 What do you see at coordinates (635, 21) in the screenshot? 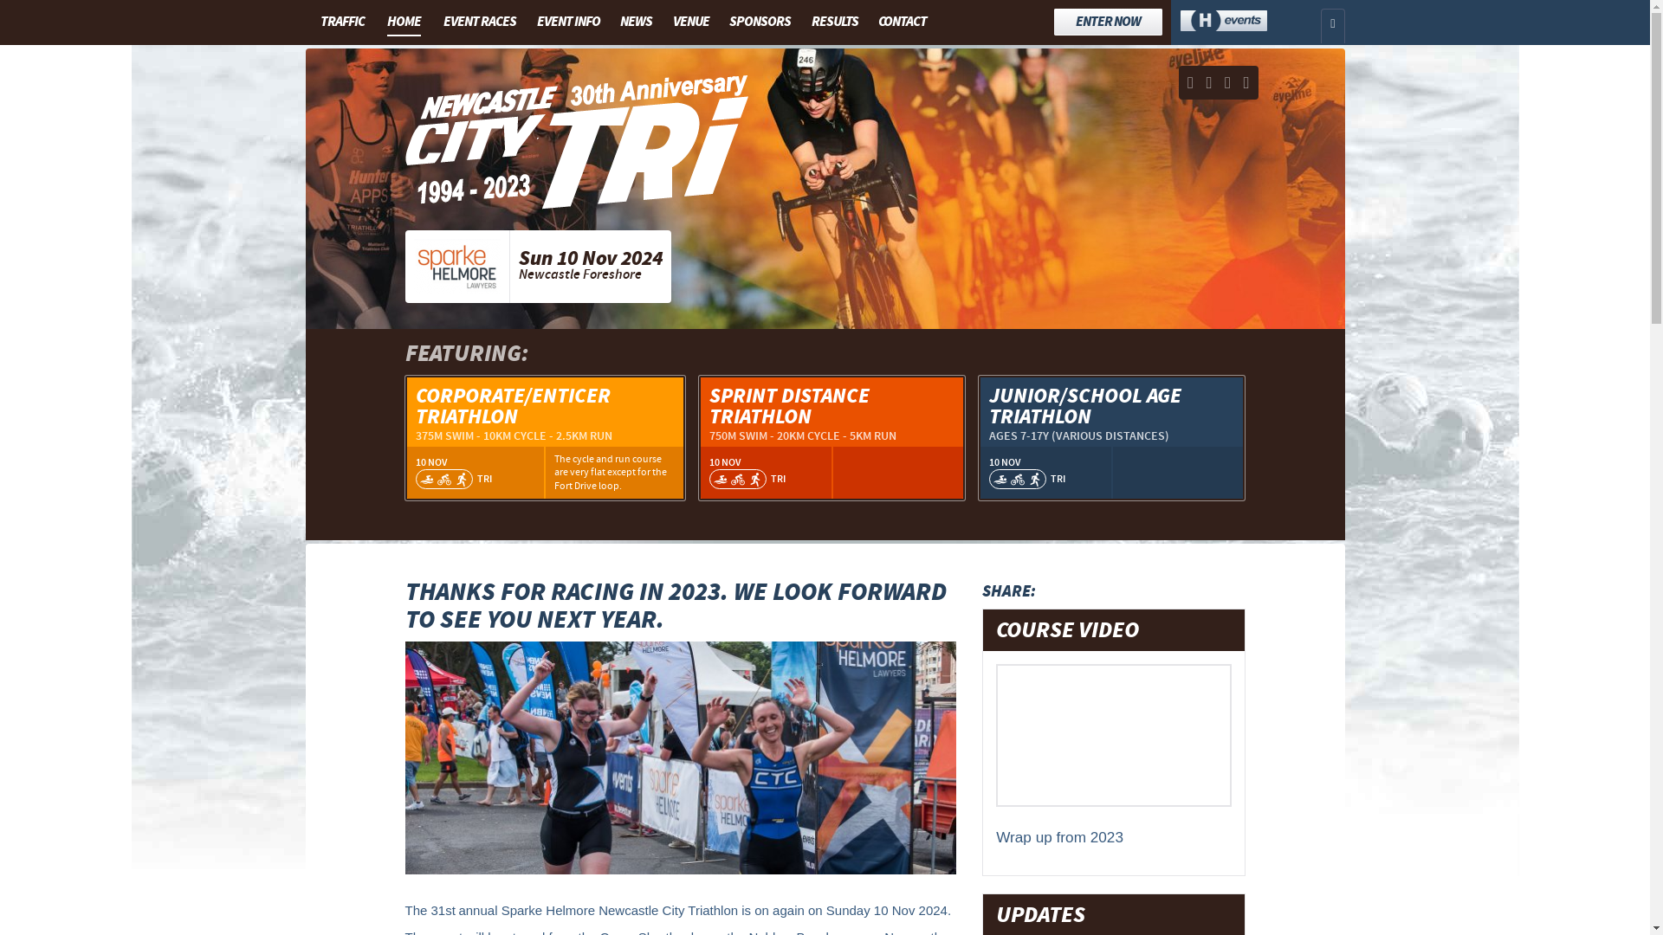
I see `'NEWS'` at bounding box center [635, 21].